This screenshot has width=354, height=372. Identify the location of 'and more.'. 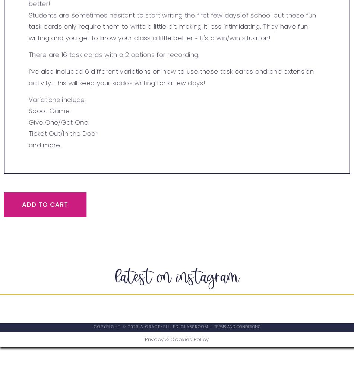
(45, 145).